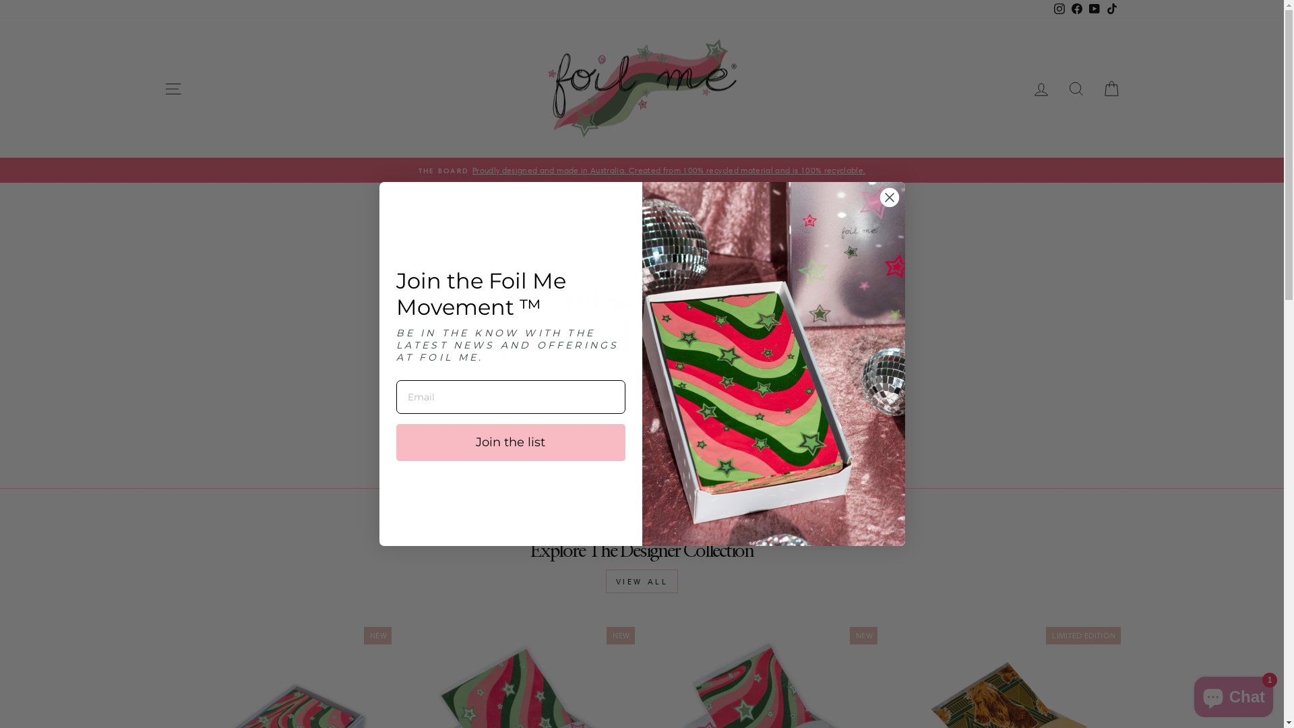 This screenshot has width=1294, height=728. What do you see at coordinates (1022, 88) in the screenshot?
I see `'LOG IN'` at bounding box center [1022, 88].